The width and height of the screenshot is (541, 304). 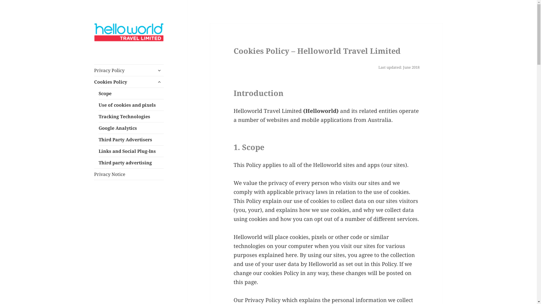 I want to click on 'Tracking Technologies', so click(x=131, y=116).